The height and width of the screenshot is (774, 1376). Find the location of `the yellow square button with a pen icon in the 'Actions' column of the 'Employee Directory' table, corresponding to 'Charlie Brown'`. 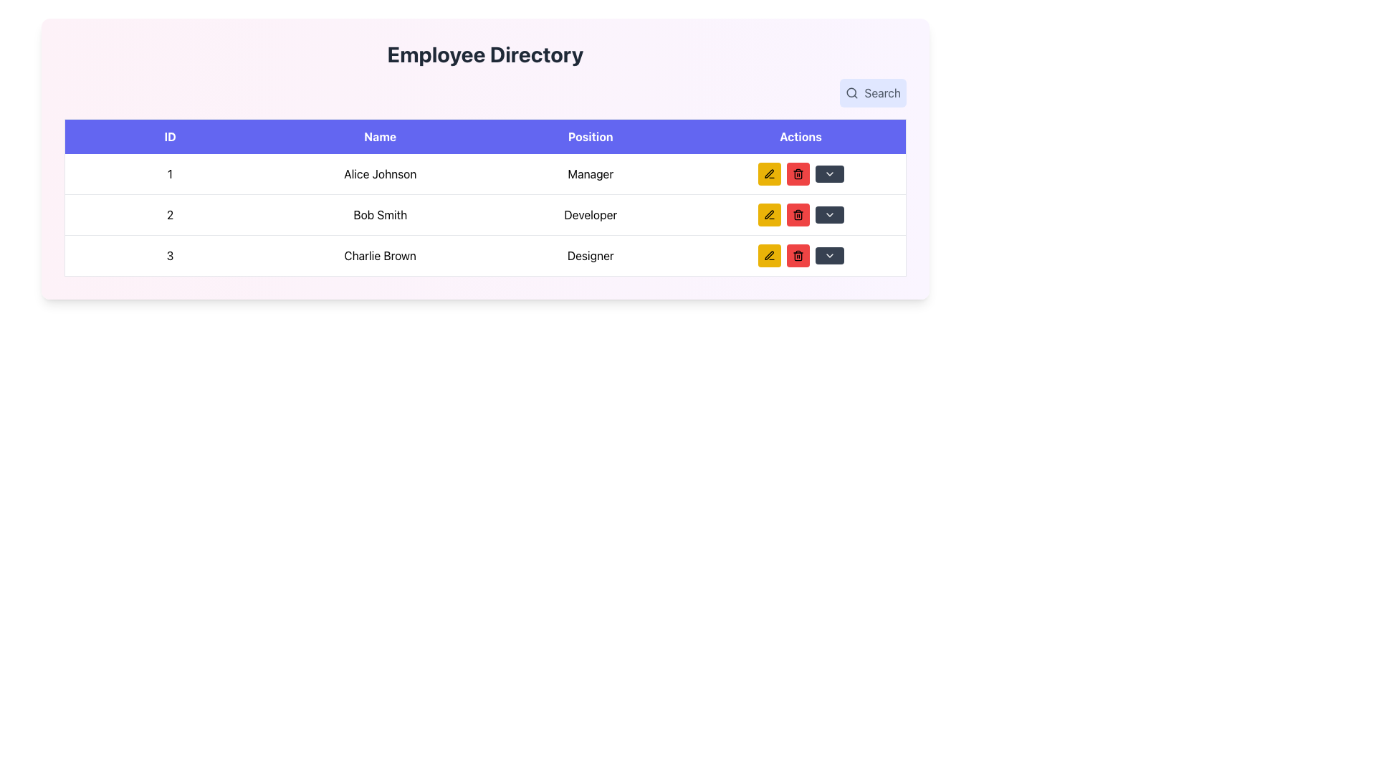

the yellow square button with a pen icon in the 'Actions' column of the 'Employee Directory' table, corresponding to 'Charlie Brown' is located at coordinates (768, 255).